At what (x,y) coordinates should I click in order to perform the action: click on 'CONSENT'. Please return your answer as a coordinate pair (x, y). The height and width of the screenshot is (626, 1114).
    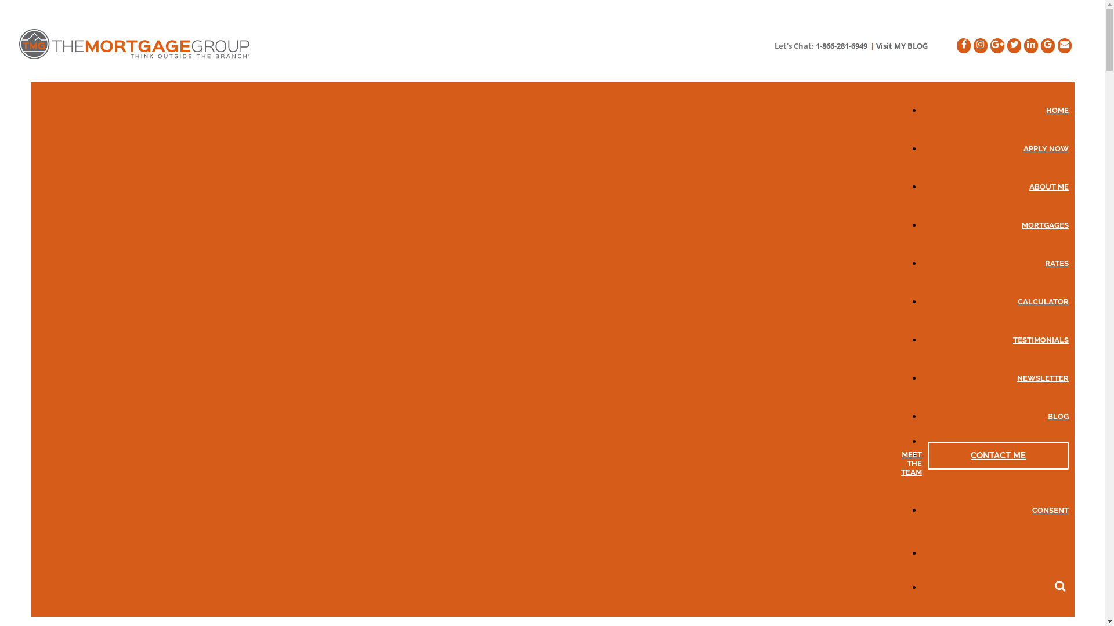
    Looking at the image, I should click on (994, 507).